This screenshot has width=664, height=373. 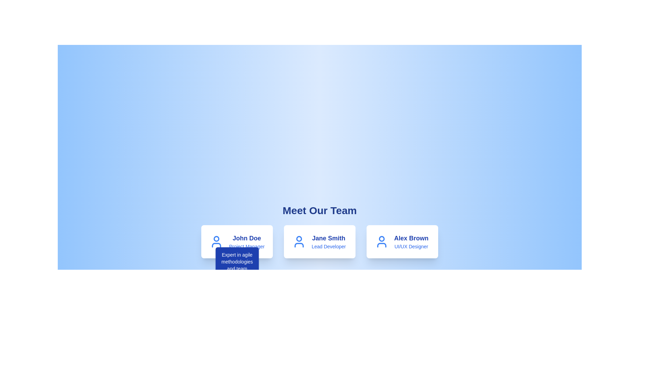 What do you see at coordinates (319, 241) in the screenshot?
I see `the Profile card presenting the team member's name, title, and avatar` at bounding box center [319, 241].